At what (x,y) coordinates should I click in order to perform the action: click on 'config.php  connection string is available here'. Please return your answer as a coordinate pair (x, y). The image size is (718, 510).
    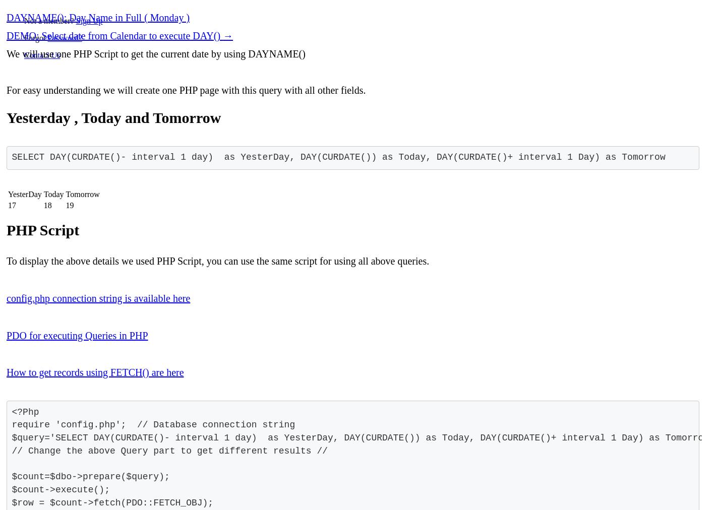
    Looking at the image, I should click on (97, 297).